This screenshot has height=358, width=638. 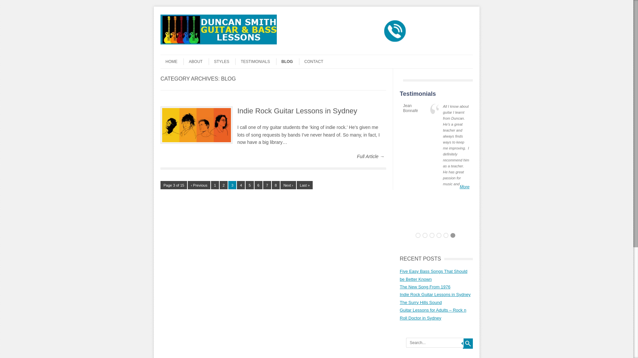 I want to click on 'The Surry Hills Sound', so click(x=420, y=302).